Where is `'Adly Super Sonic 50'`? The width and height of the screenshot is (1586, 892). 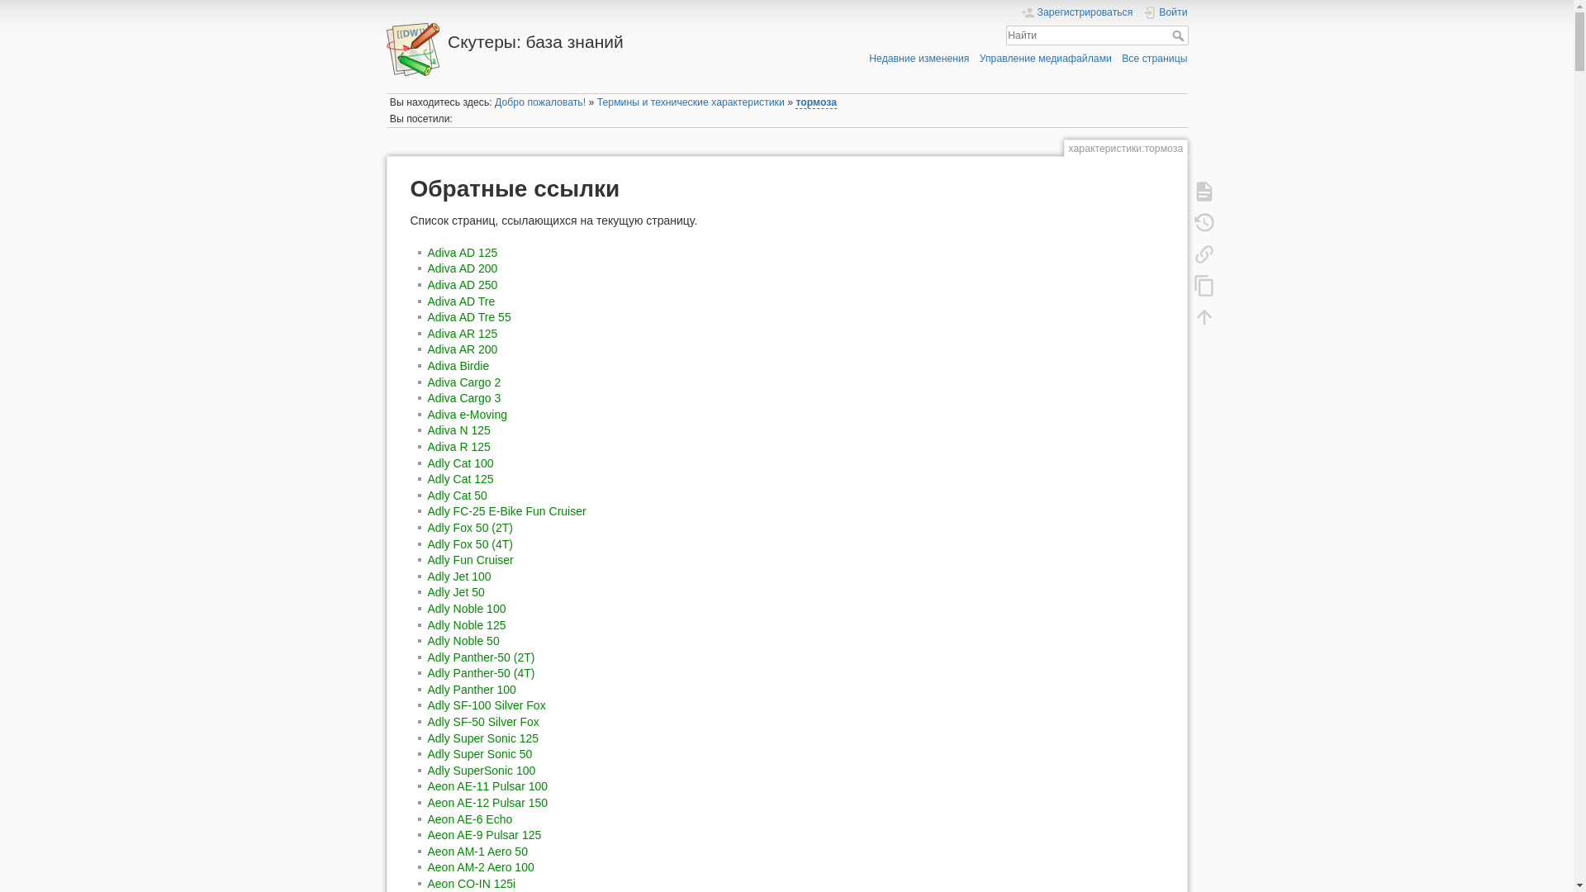 'Adly Super Sonic 50' is located at coordinates (479, 754).